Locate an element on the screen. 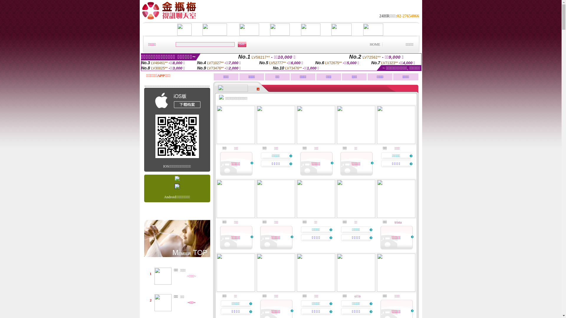 This screenshot has height=318, width=566. 'HOME' is located at coordinates (369, 44).